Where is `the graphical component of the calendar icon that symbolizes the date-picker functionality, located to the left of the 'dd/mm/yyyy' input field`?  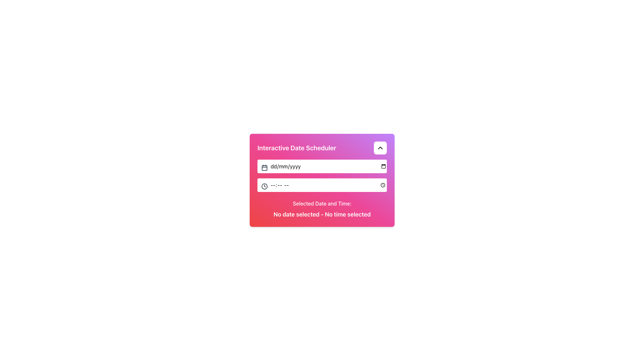 the graphical component of the calendar icon that symbolizes the date-picker functionality, located to the left of the 'dd/mm/yyyy' input field is located at coordinates (264, 167).